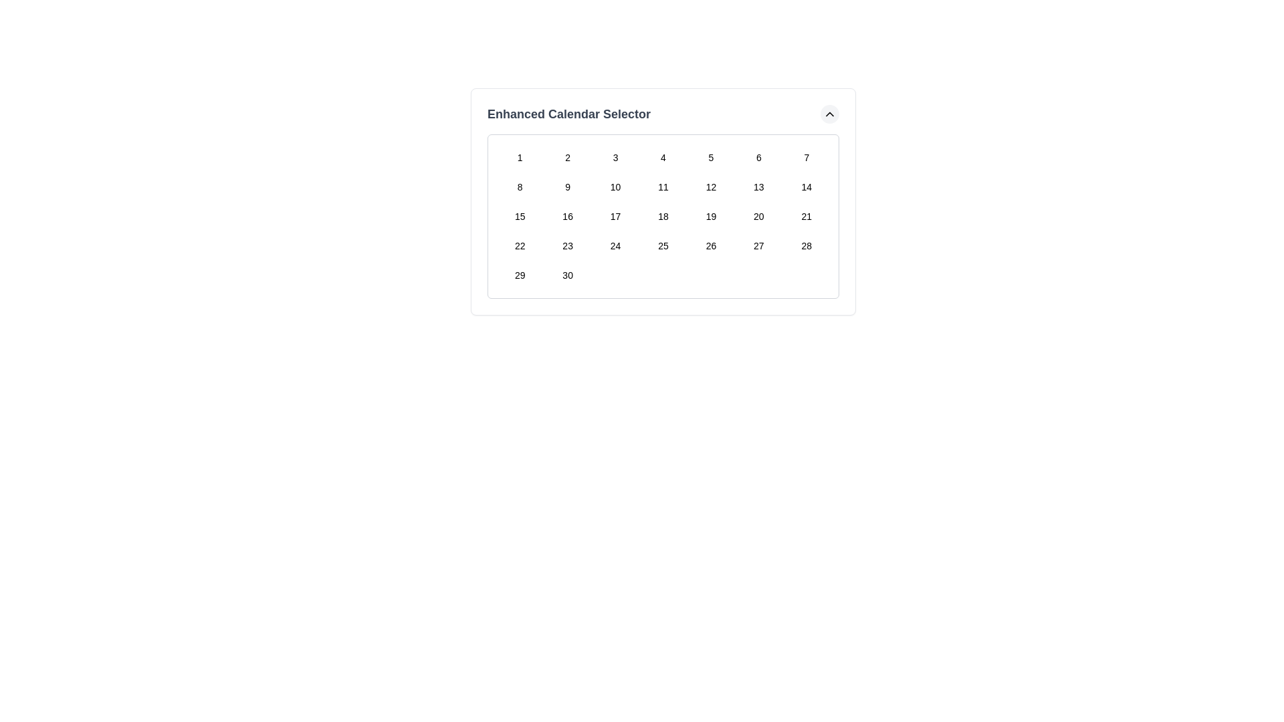 Image resolution: width=1284 pixels, height=722 pixels. Describe the element at coordinates (710, 187) in the screenshot. I see `the interactive calendar day selector button labeled '12'` at that location.